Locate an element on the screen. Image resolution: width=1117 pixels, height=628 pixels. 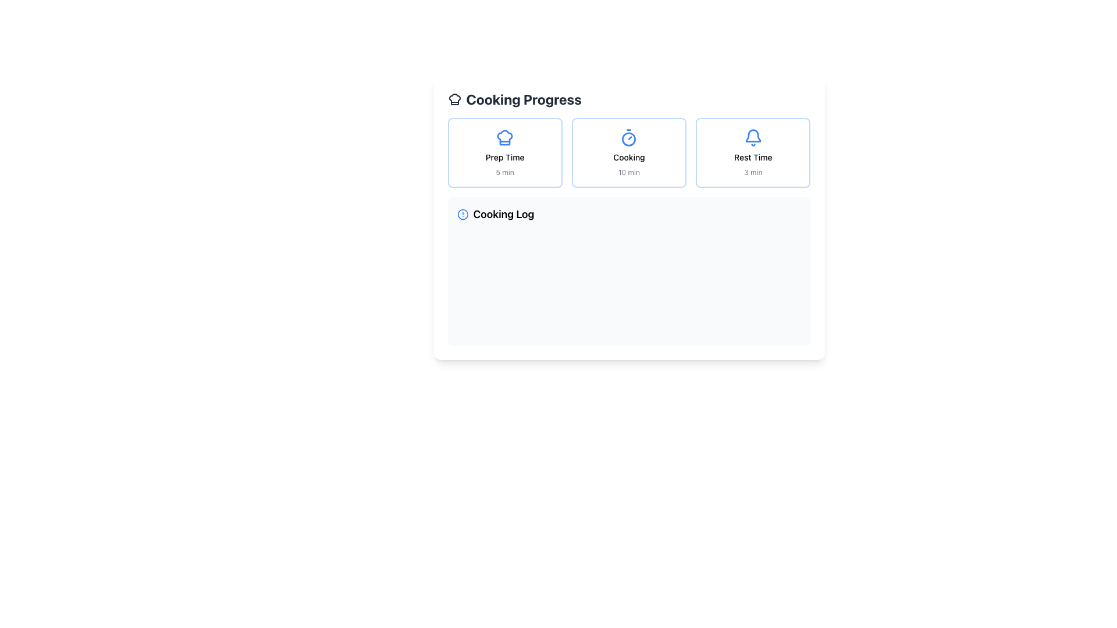
the static text label indicating the duration associated with the 'Rest Time' section, which is centrally aligned below the title 'Rest Time' is located at coordinates (753, 173).